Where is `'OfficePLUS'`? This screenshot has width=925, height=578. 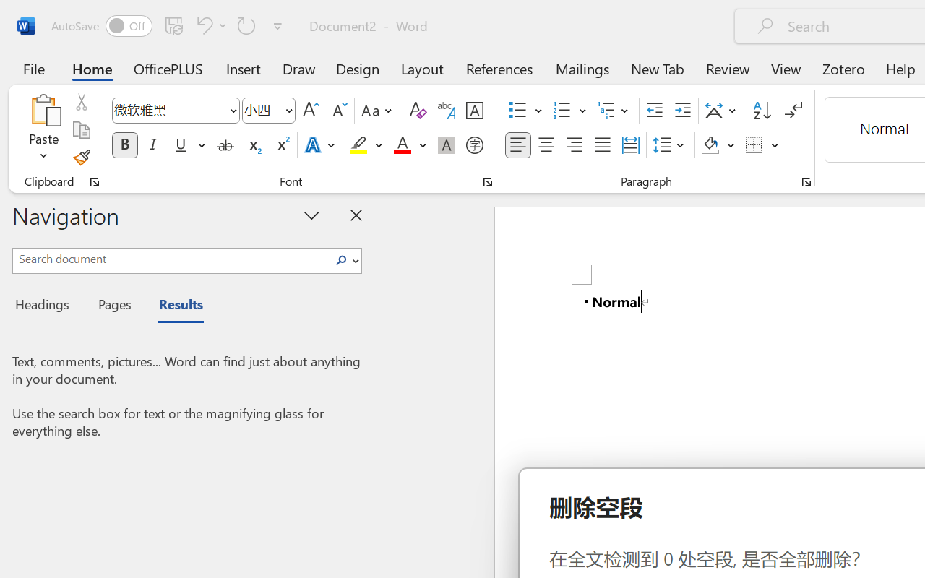
'OfficePLUS' is located at coordinates (168, 68).